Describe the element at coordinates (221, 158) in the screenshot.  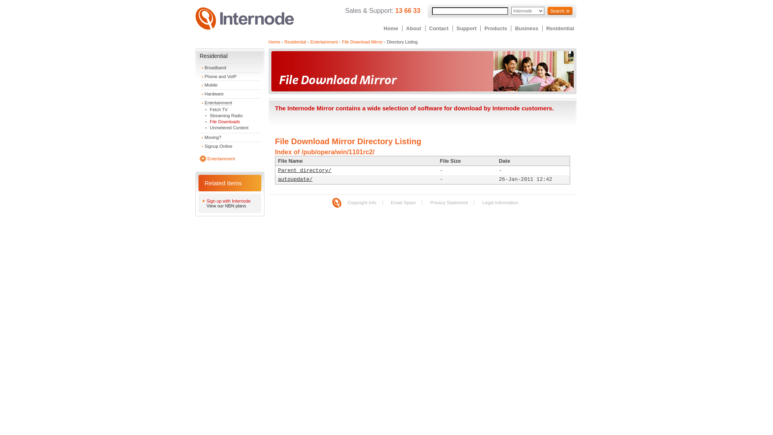
I see `'Entertainment'` at that location.